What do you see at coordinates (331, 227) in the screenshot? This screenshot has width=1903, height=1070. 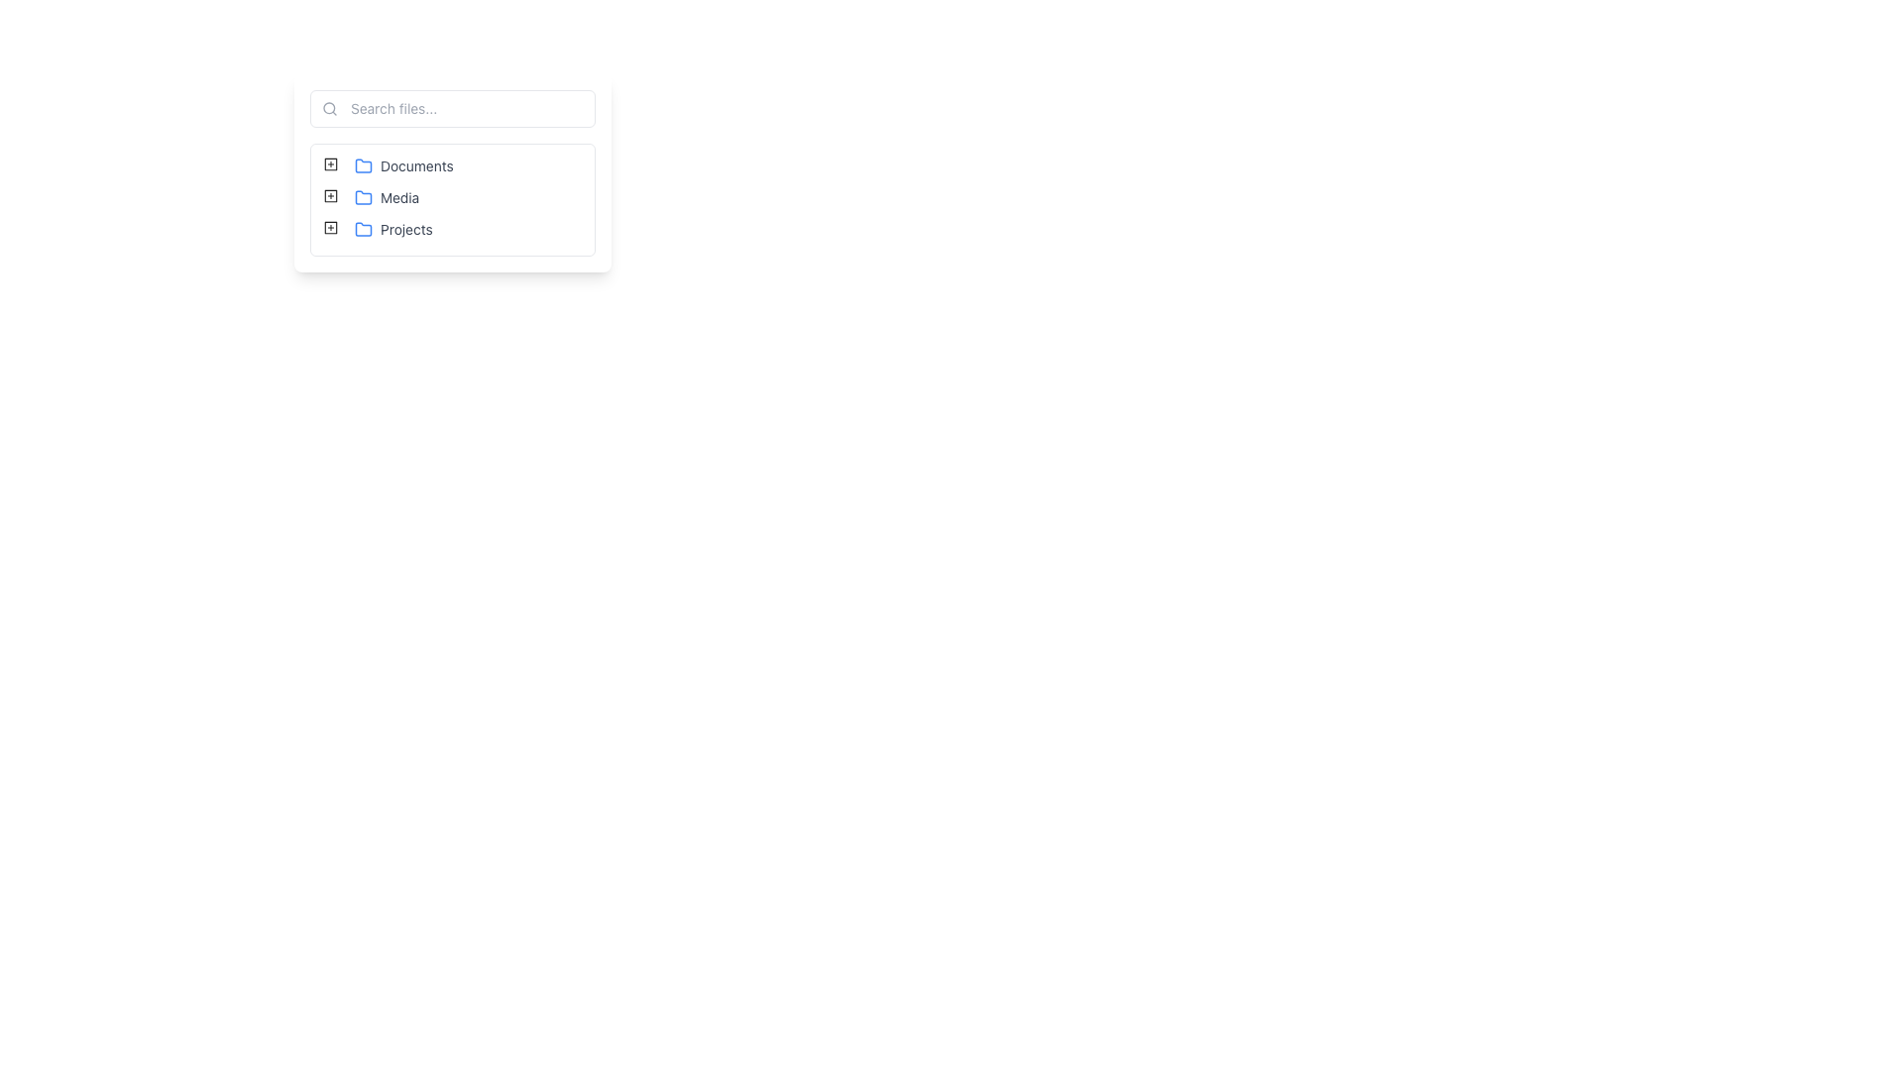 I see `the Expandable toggle icon with a '+' symbol located at the third position under the 'Projects' label` at bounding box center [331, 227].